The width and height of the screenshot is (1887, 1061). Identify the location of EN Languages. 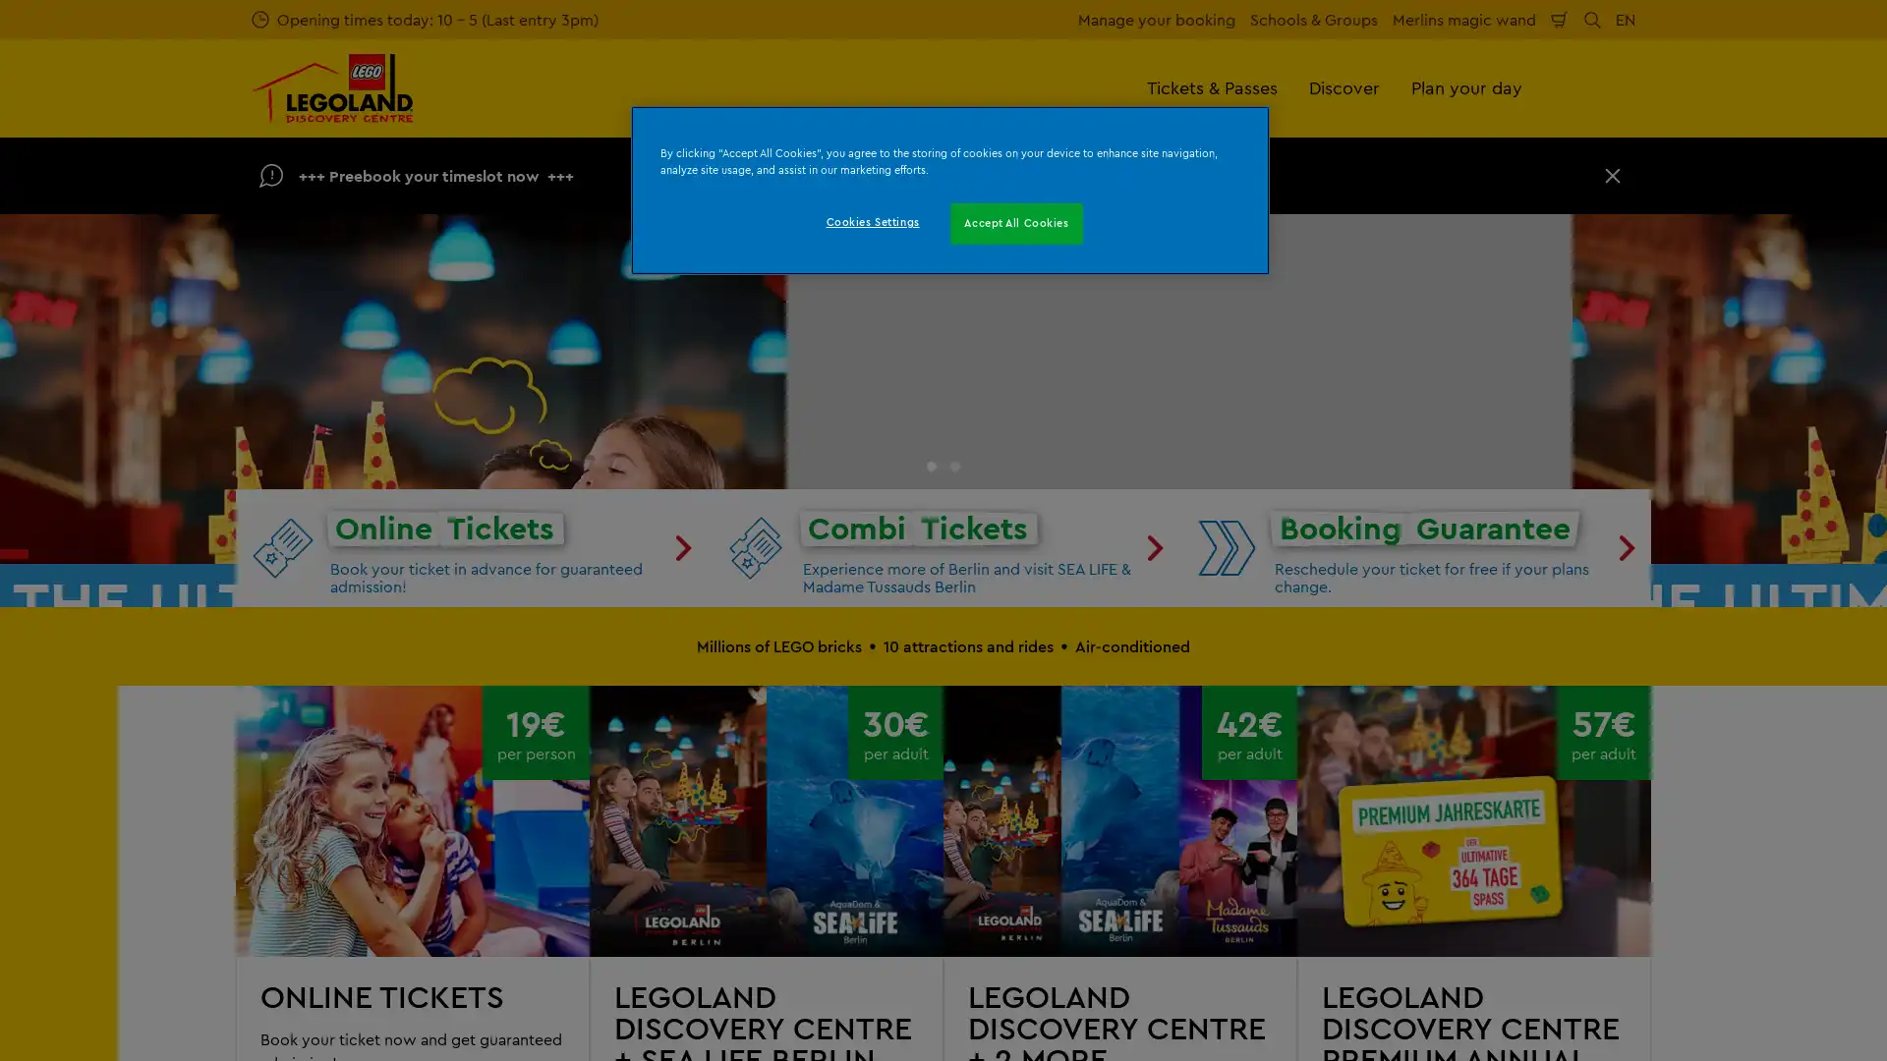
(1626, 19).